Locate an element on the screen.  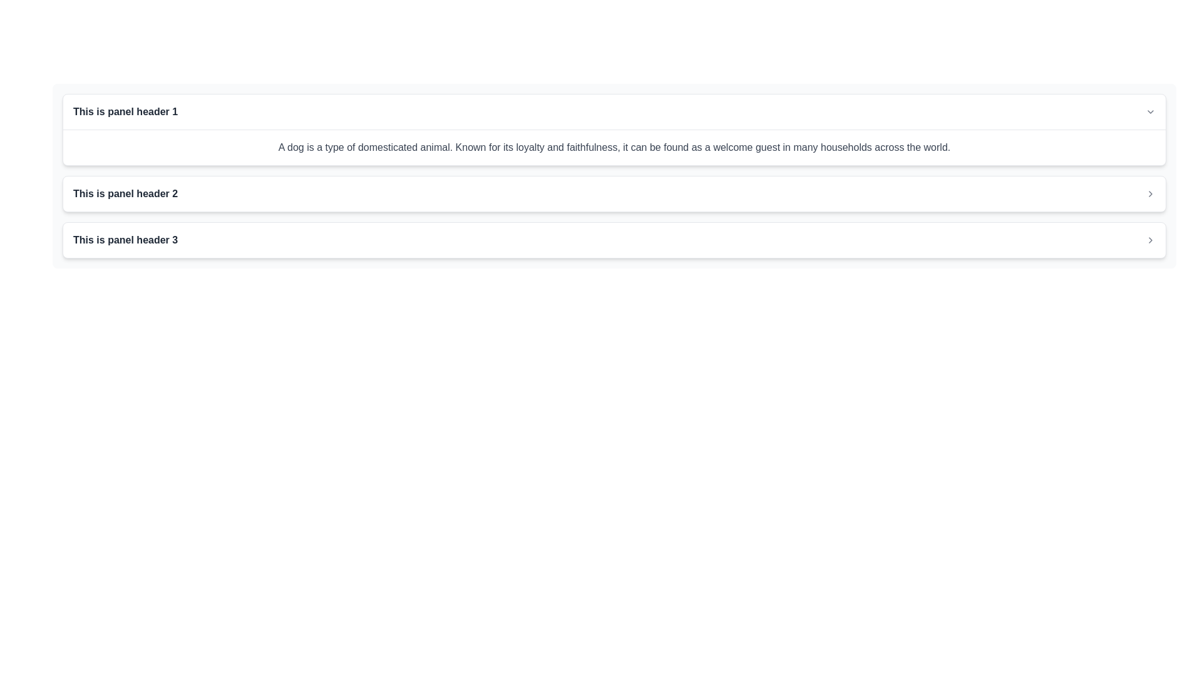
the text label that reads 'This is panel header 2', which is styled with a bold font and dark gray color, located in the middle of three panel headers is located at coordinates (125, 193).